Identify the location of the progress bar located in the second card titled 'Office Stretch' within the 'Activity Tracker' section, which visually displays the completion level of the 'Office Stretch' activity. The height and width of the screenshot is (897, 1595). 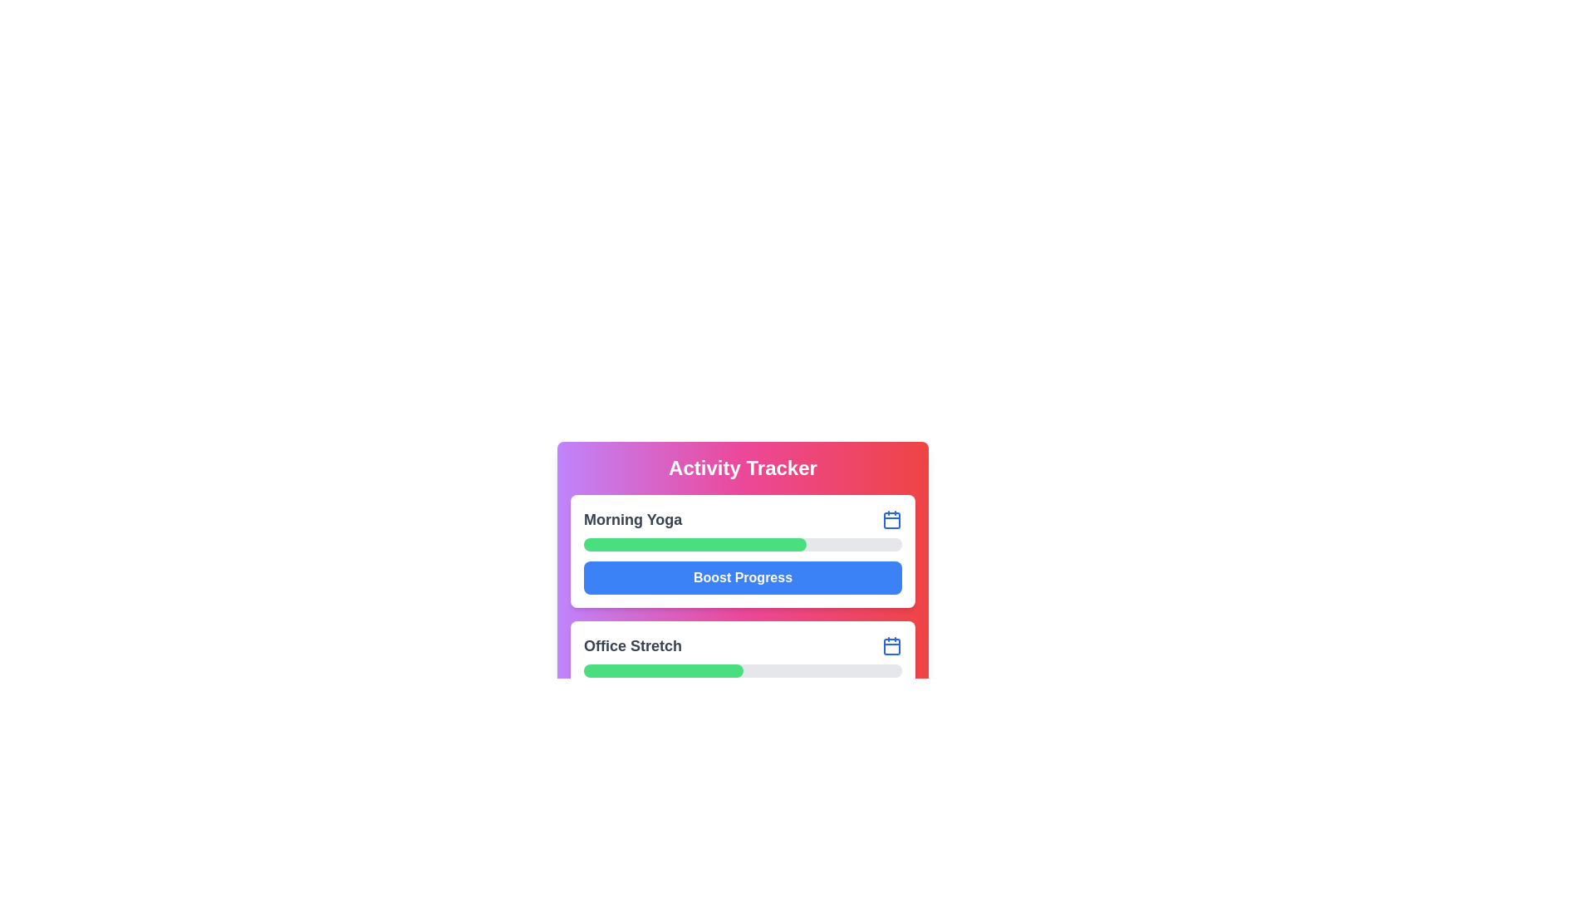
(742, 678).